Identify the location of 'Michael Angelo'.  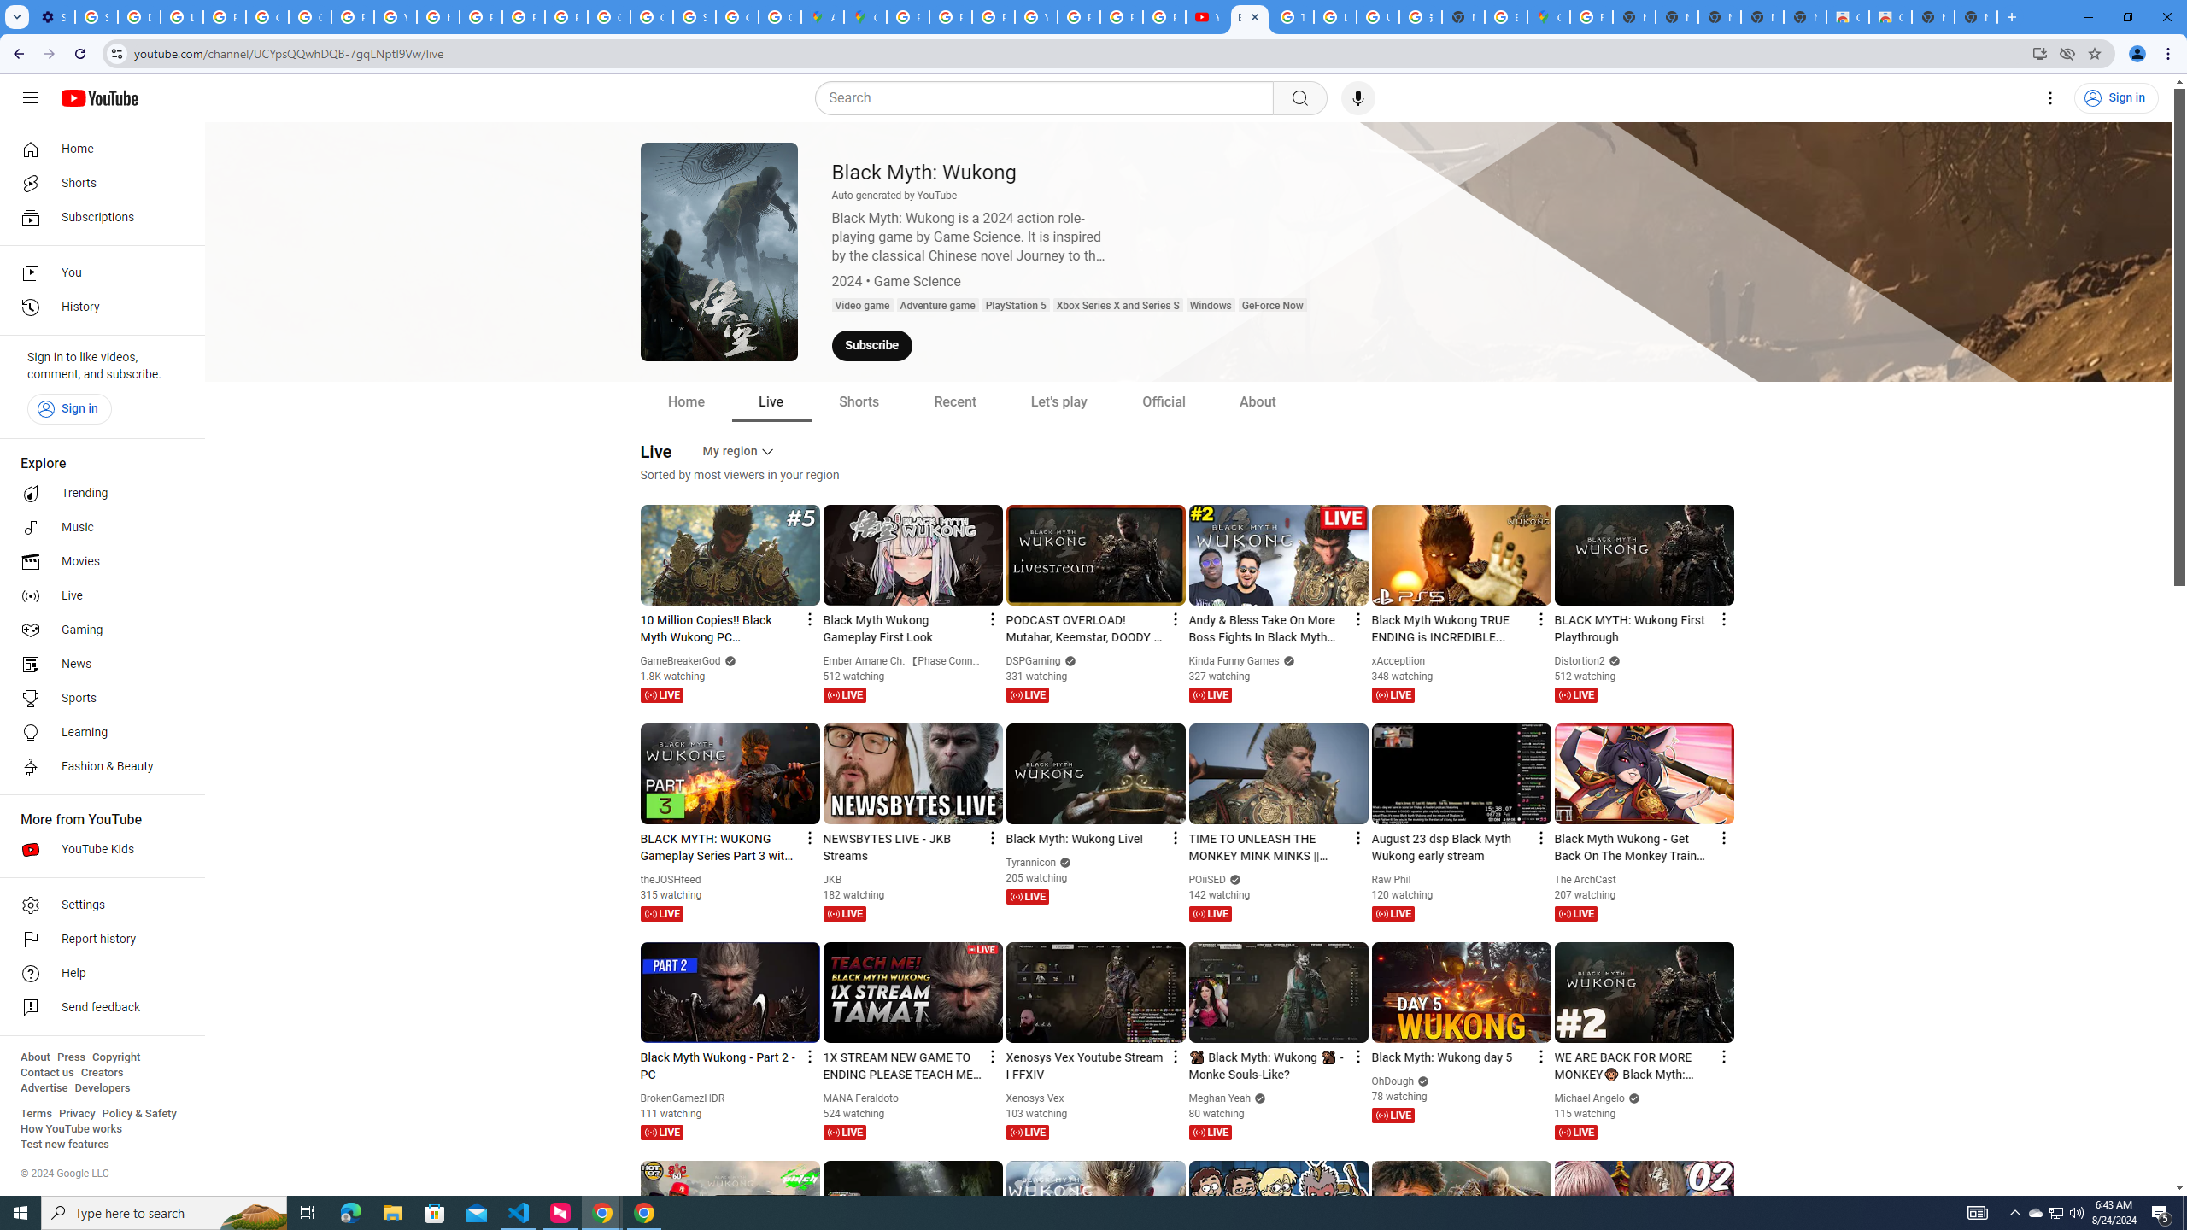
(1591, 1097).